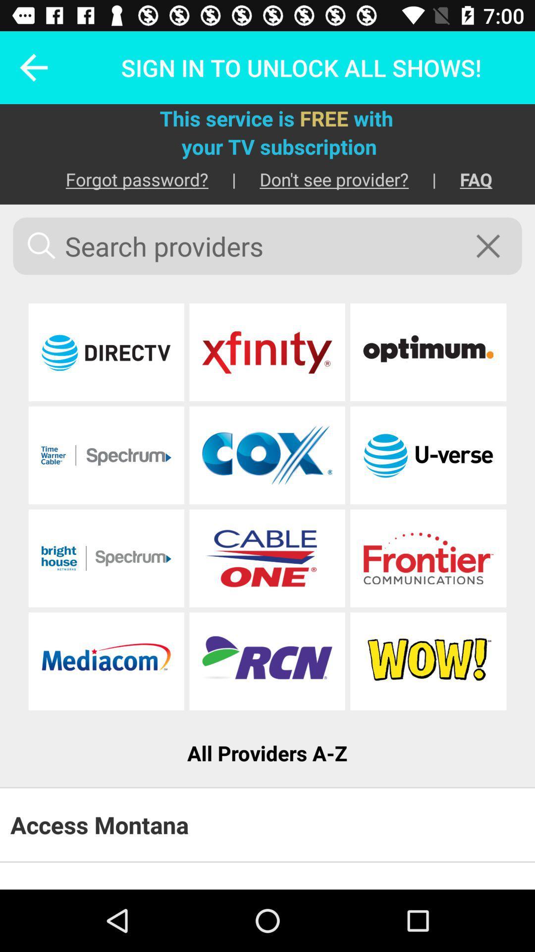 Image resolution: width=535 pixels, height=952 pixels. I want to click on faq, so click(464, 179).